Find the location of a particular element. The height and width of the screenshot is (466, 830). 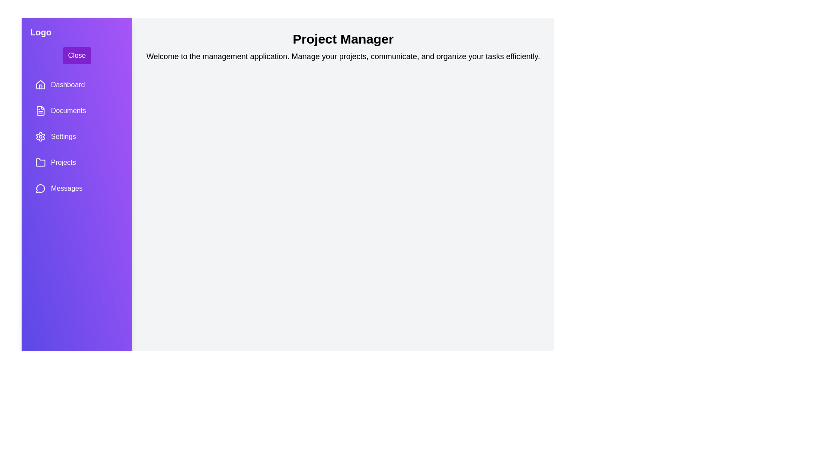

the navigation item labeled Messages to navigate to the respective section is located at coordinates (77, 188).